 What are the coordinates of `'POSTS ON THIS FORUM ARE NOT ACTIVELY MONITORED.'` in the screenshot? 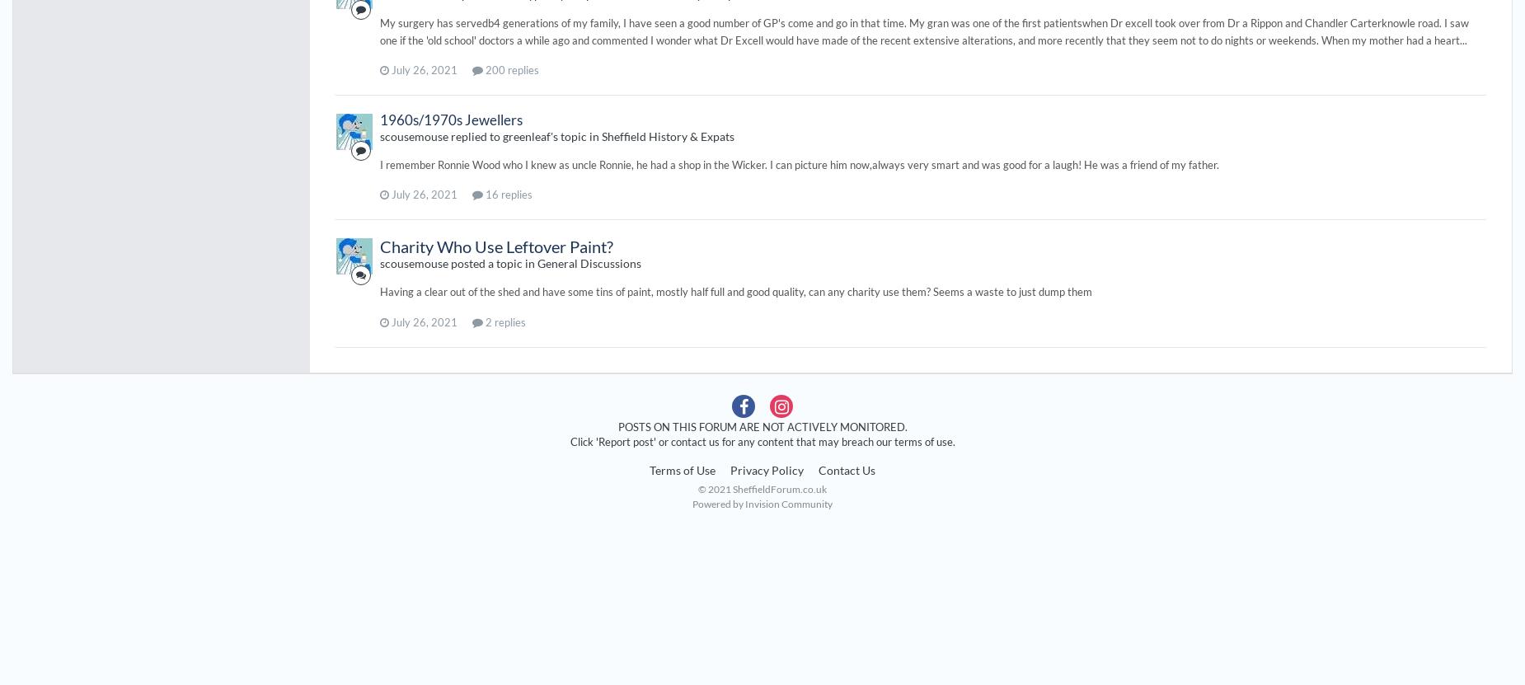 It's located at (762, 425).